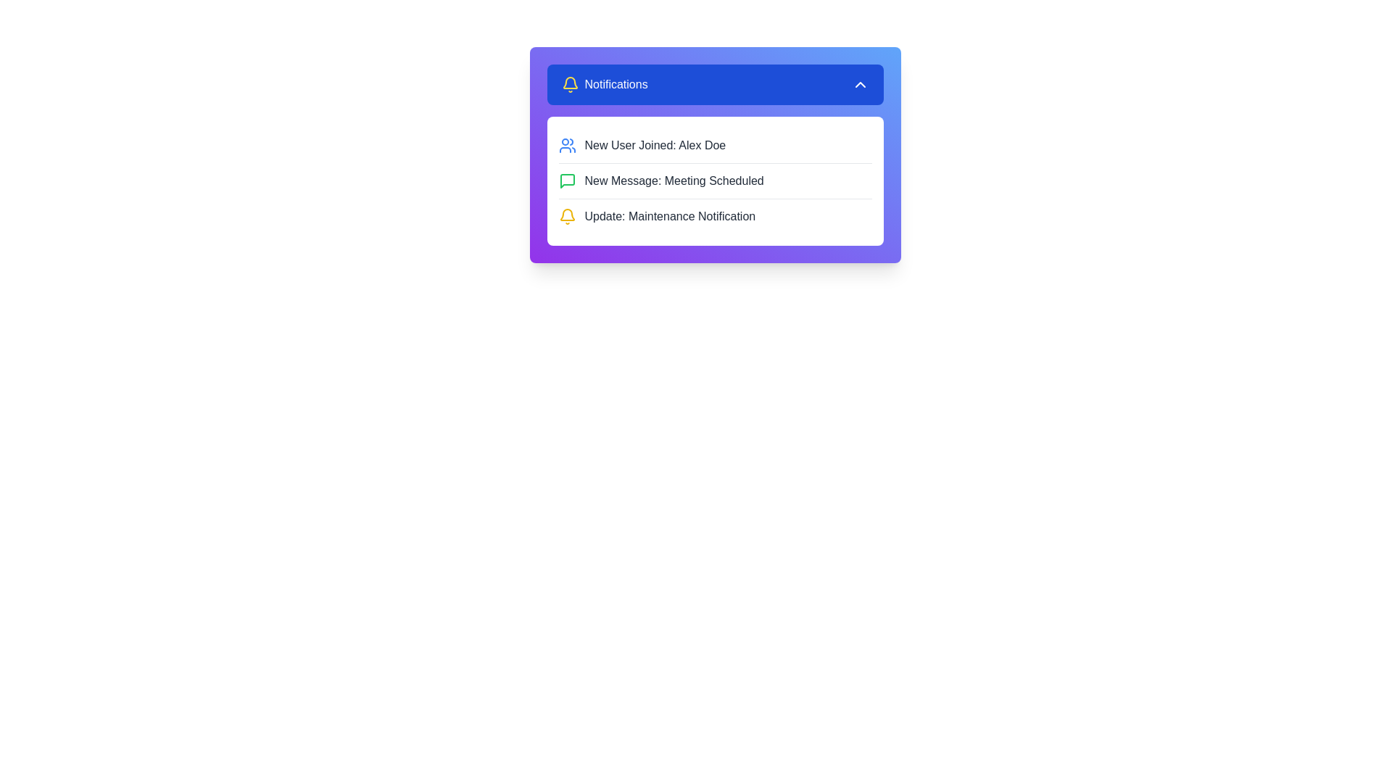 The image size is (1392, 783). Describe the element at coordinates (715, 84) in the screenshot. I see `notification menu button to toggle the menu visibility` at that location.